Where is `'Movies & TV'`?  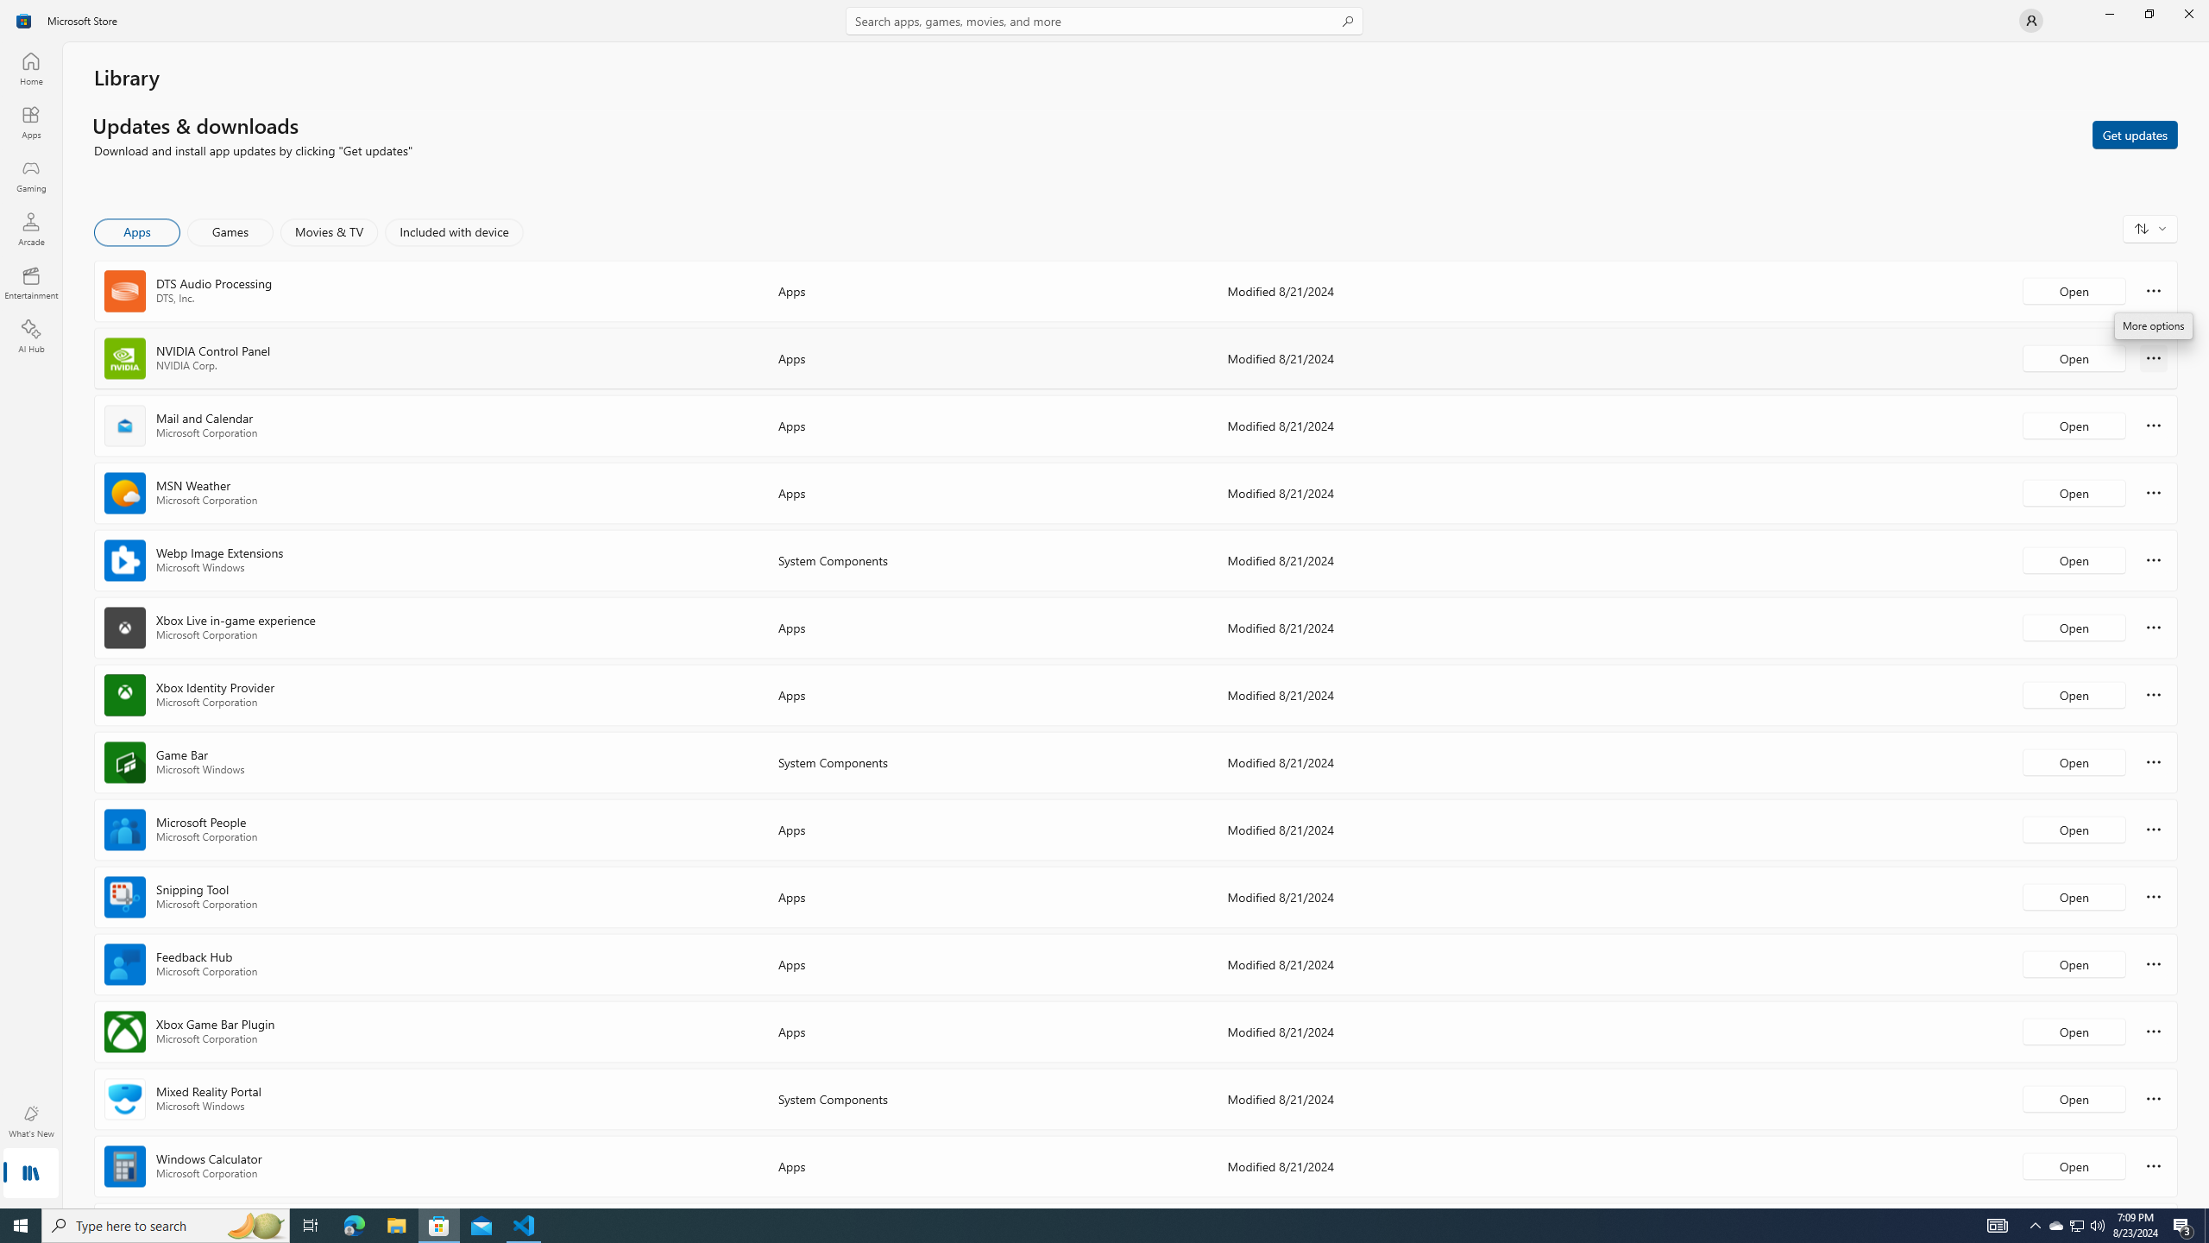 'Movies & TV' is located at coordinates (328, 231).